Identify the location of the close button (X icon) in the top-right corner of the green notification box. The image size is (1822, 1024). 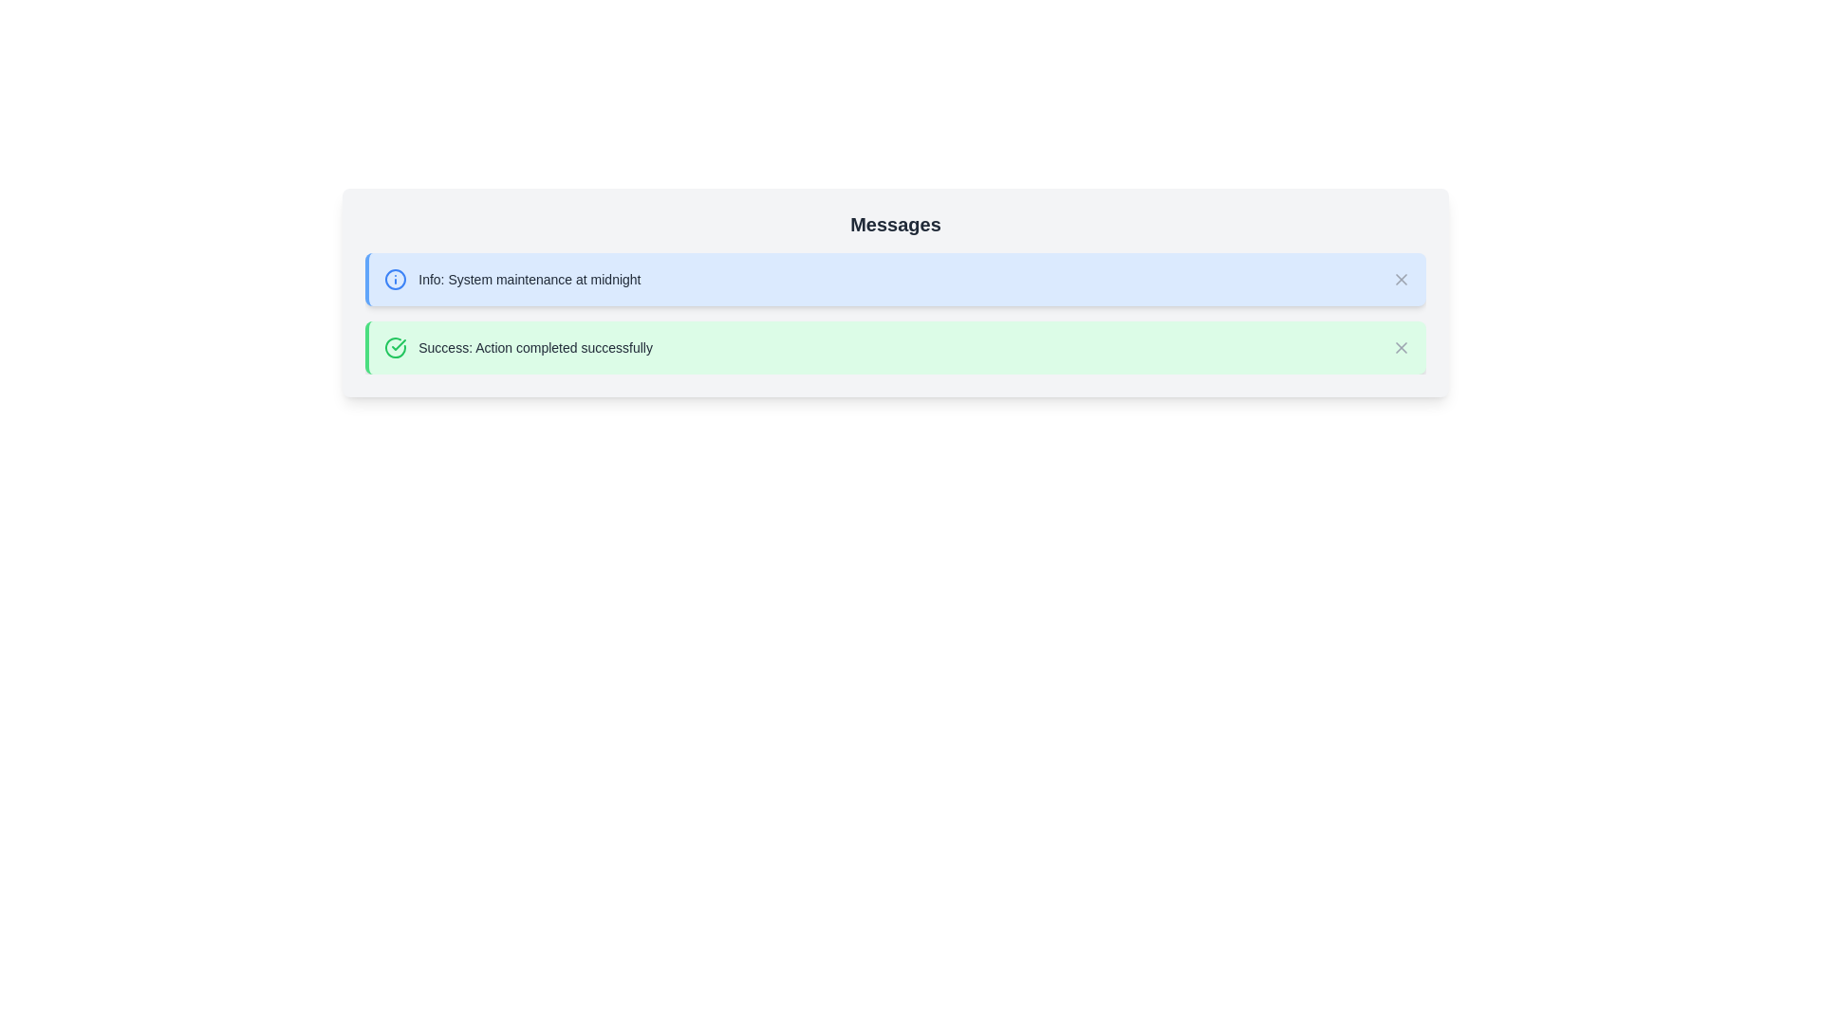
(1401, 347).